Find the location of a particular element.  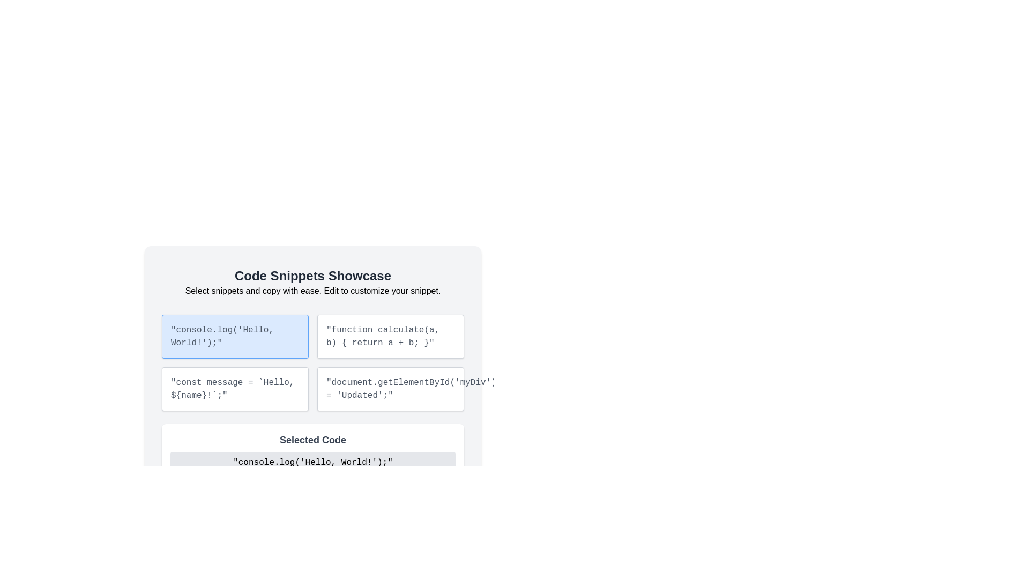

the code snippet display element located in the upper left quadrant of the grid layout, which is the first item in the first row is located at coordinates (312, 350).